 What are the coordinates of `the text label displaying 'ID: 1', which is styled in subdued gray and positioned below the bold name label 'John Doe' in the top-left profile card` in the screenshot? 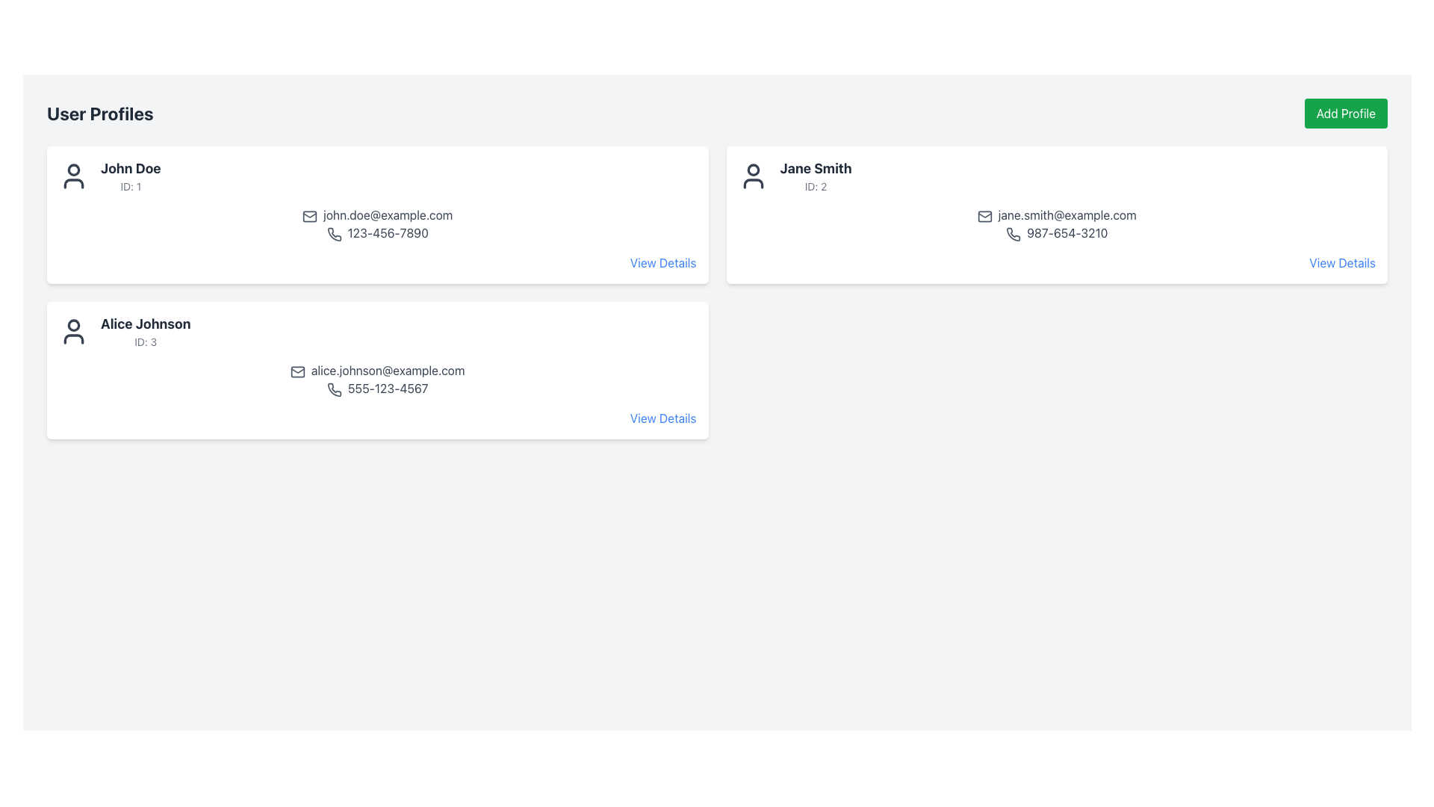 It's located at (131, 186).